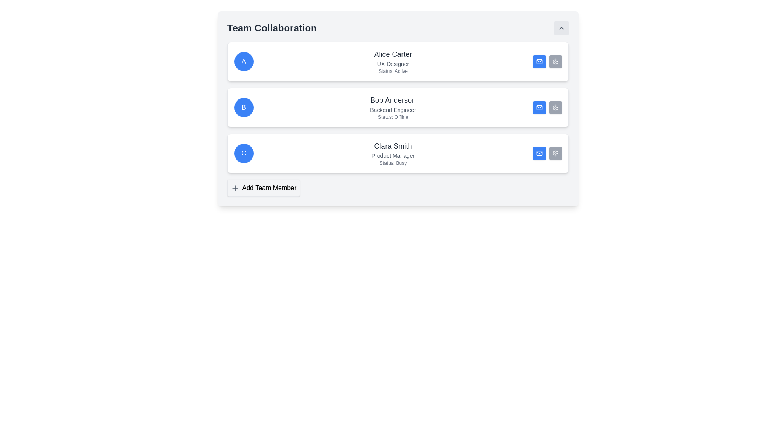 This screenshot has width=773, height=435. I want to click on the 'Add Team Member' button located at the bottom of the 'Team Collaboration' section, so click(263, 188).